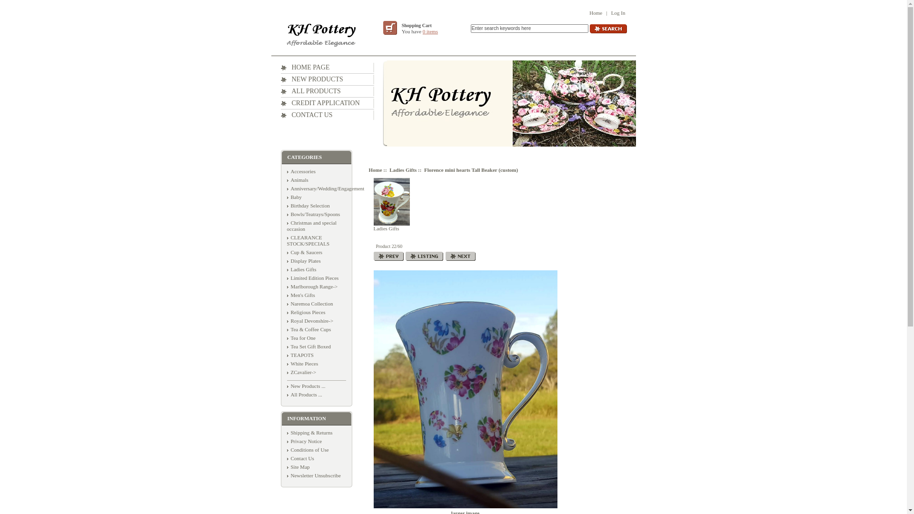 The image size is (914, 514). Describe the element at coordinates (312, 277) in the screenshot. I see `'Limited Edition Pieces'` at that location.